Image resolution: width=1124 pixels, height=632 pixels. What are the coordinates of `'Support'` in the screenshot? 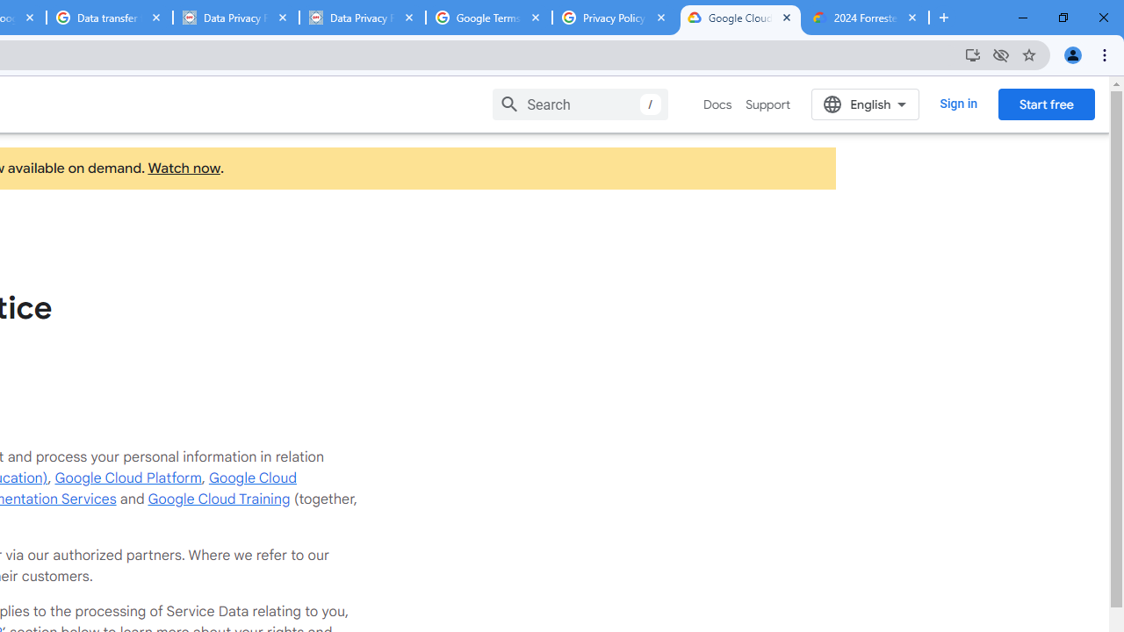 It's located at (767, 104).